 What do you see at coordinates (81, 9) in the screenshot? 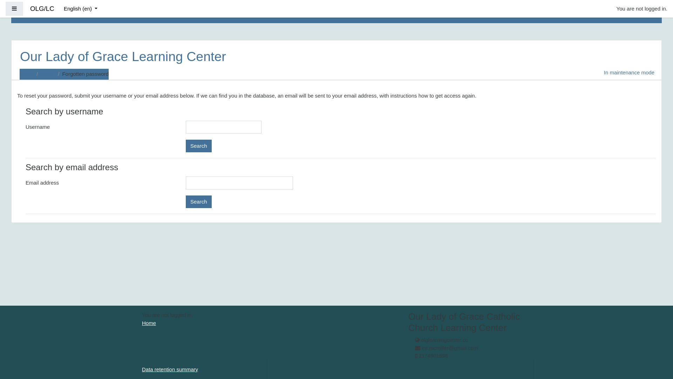
I see `'English (en)'` at bounding box center [81, 9].